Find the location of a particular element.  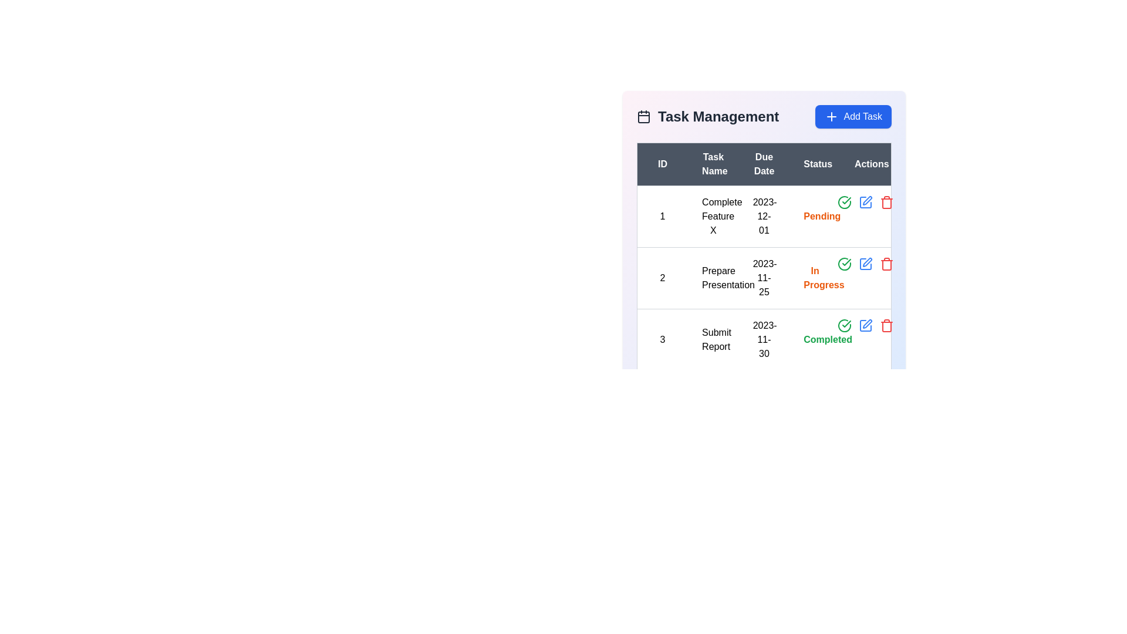

the static text element displaying the date '2023-12-01' in the 'Due Date' column of the task management table for the task 'Complete Feature X' is located at coordinates (764, 217).